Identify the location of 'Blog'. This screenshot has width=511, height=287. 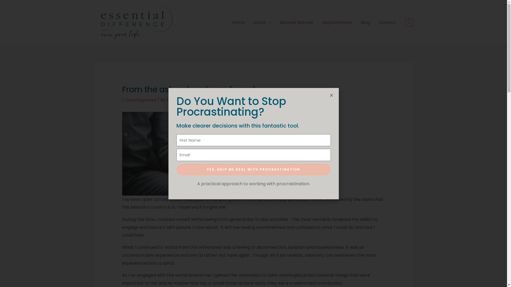
(365, 22).